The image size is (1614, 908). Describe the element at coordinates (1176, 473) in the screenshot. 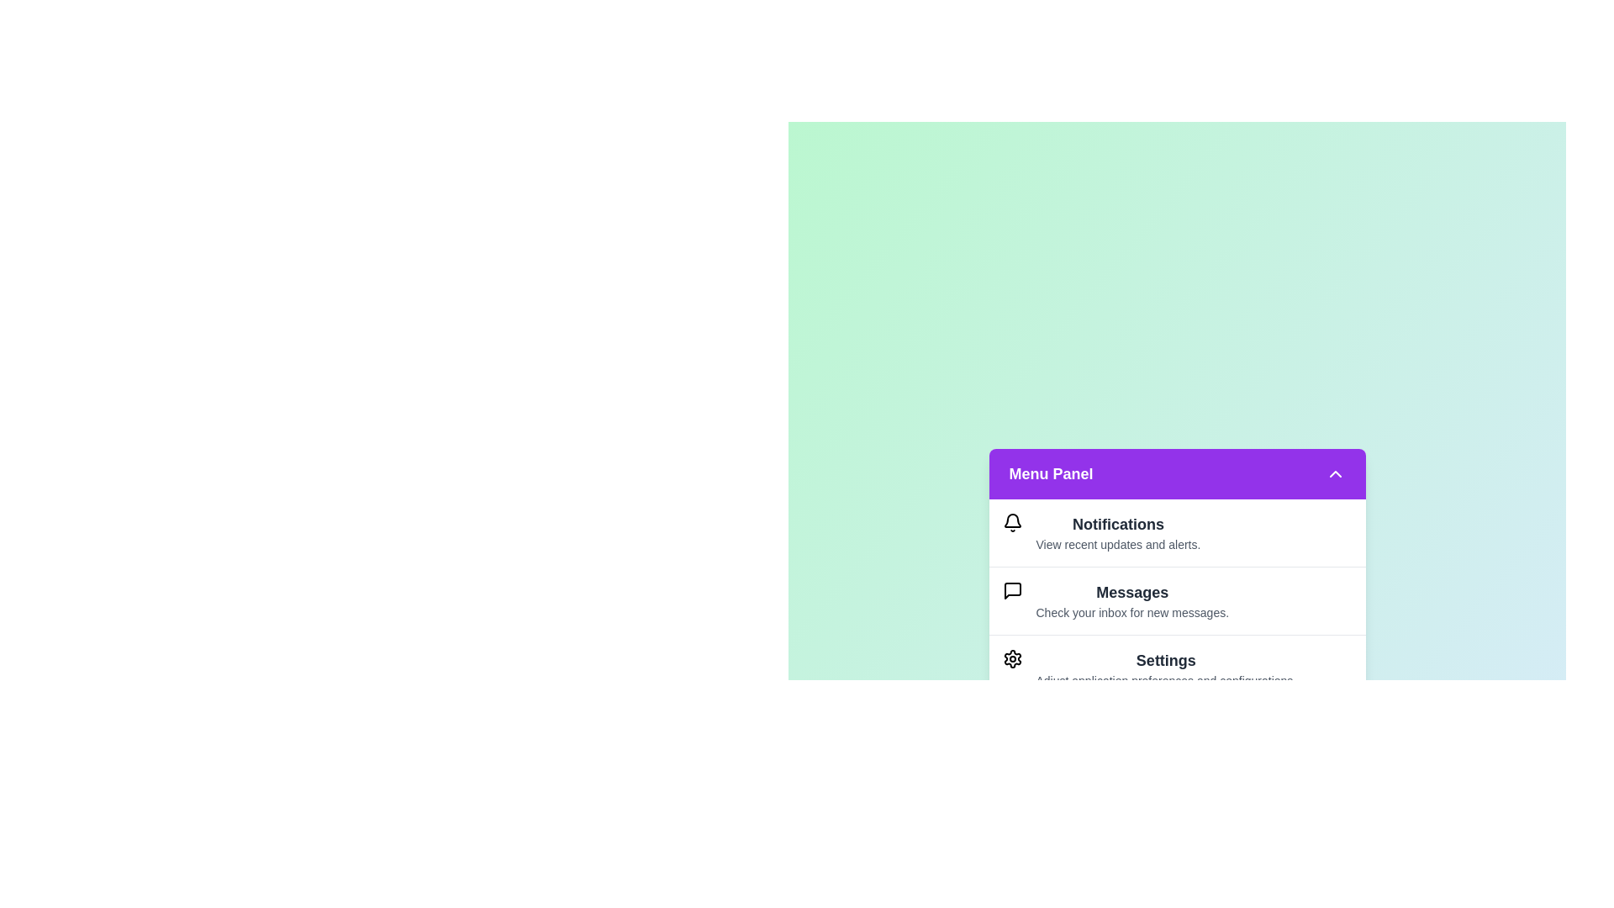

I see `the 'Menu Panel' button to toggle the menu` at that location.